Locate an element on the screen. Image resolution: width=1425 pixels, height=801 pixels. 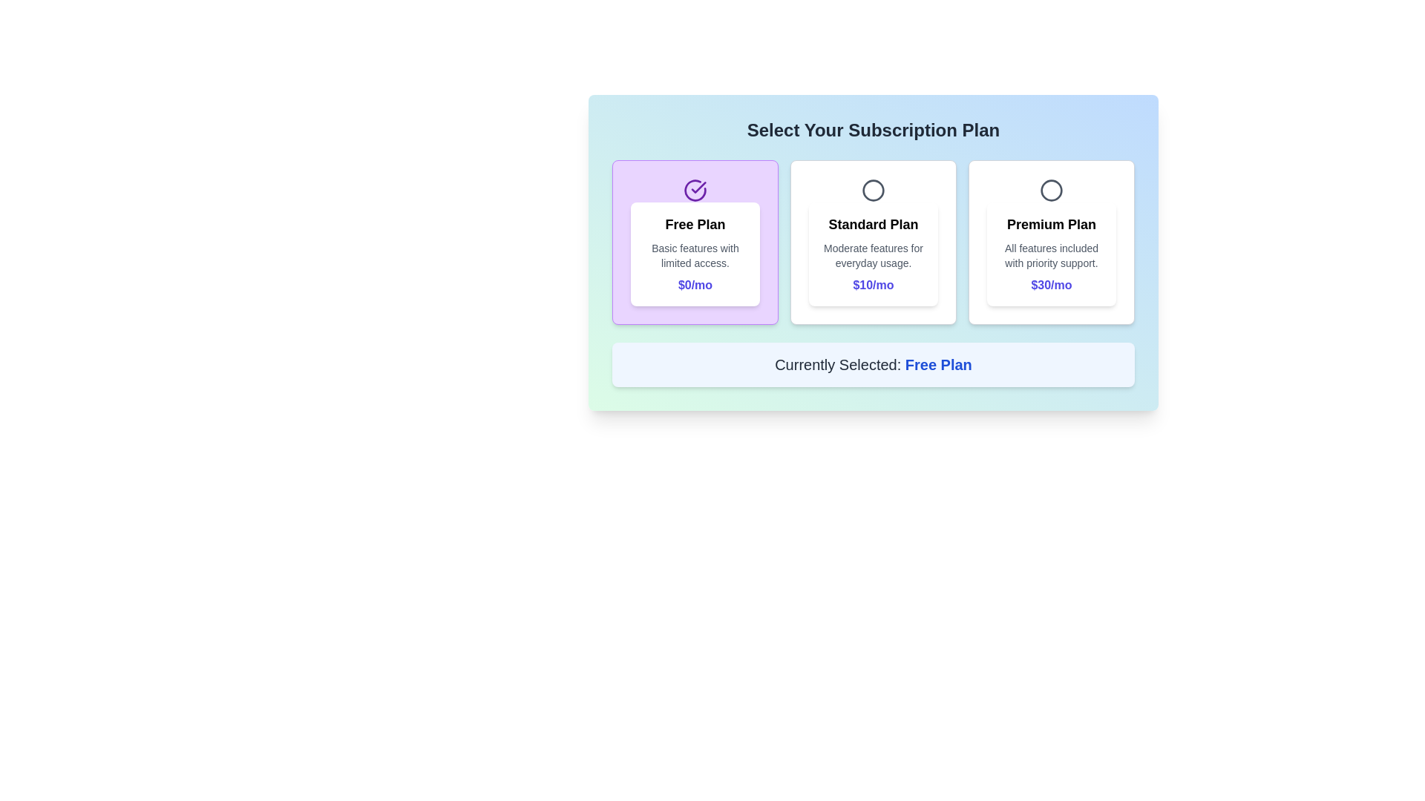
the text label saying 'Moderate features for everyday usage.' which is centered within the 'Standard Plan' card is located at coordinates (873, 254).